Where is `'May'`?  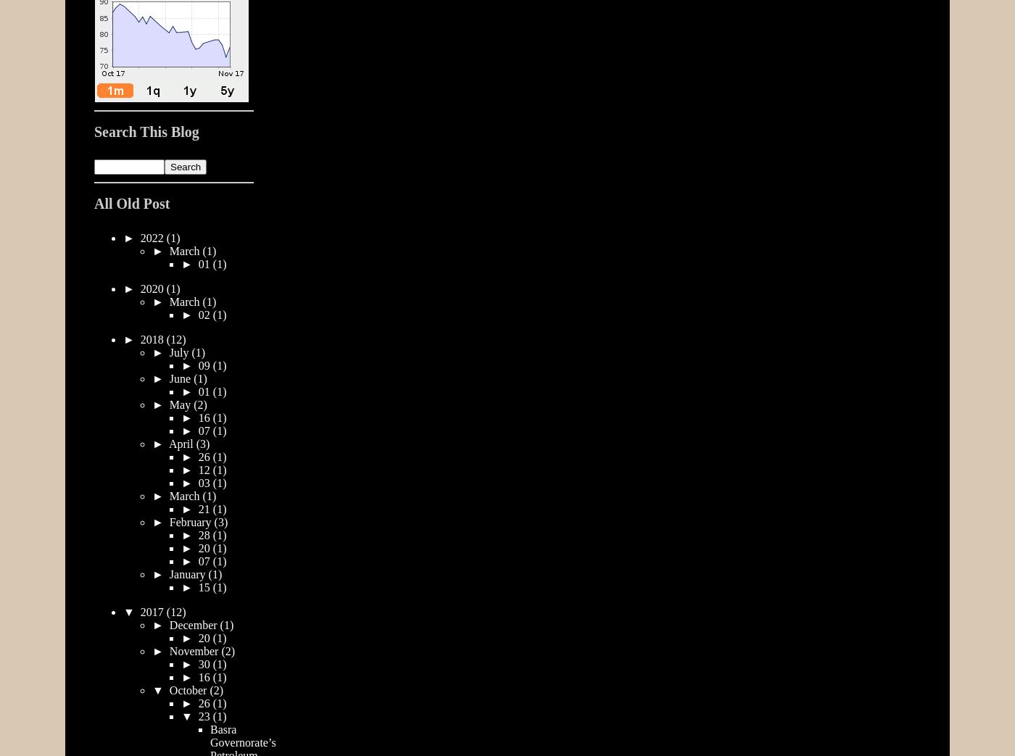 'May' is located at coordinates (181, 404).